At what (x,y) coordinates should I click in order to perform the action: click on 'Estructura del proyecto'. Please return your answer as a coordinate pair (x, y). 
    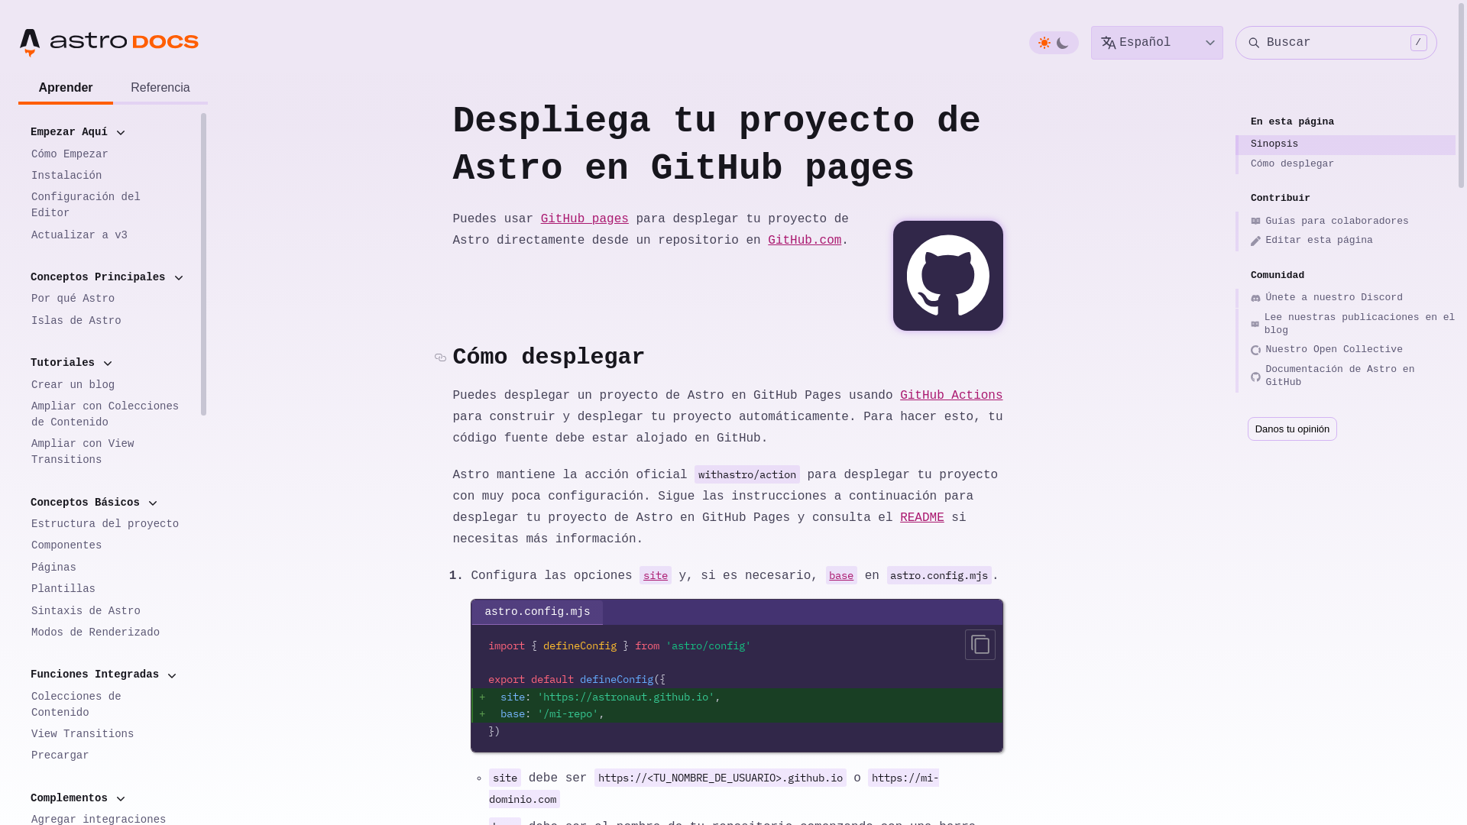
    Looking at the image, I should click on (107, 523).